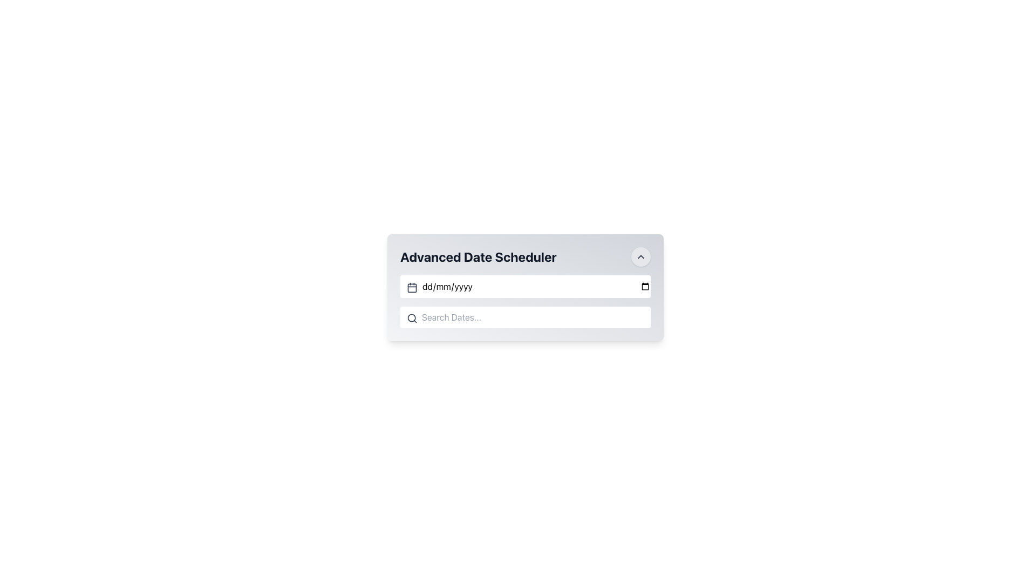 This screenshot has height=583, width=1036. Describe the element at coordinates (411, 287) in the screenshot. I see `the Decorative Box within the Calendar Icon, which is the main body of the calendar representation, located in the center of the icon` at that location.